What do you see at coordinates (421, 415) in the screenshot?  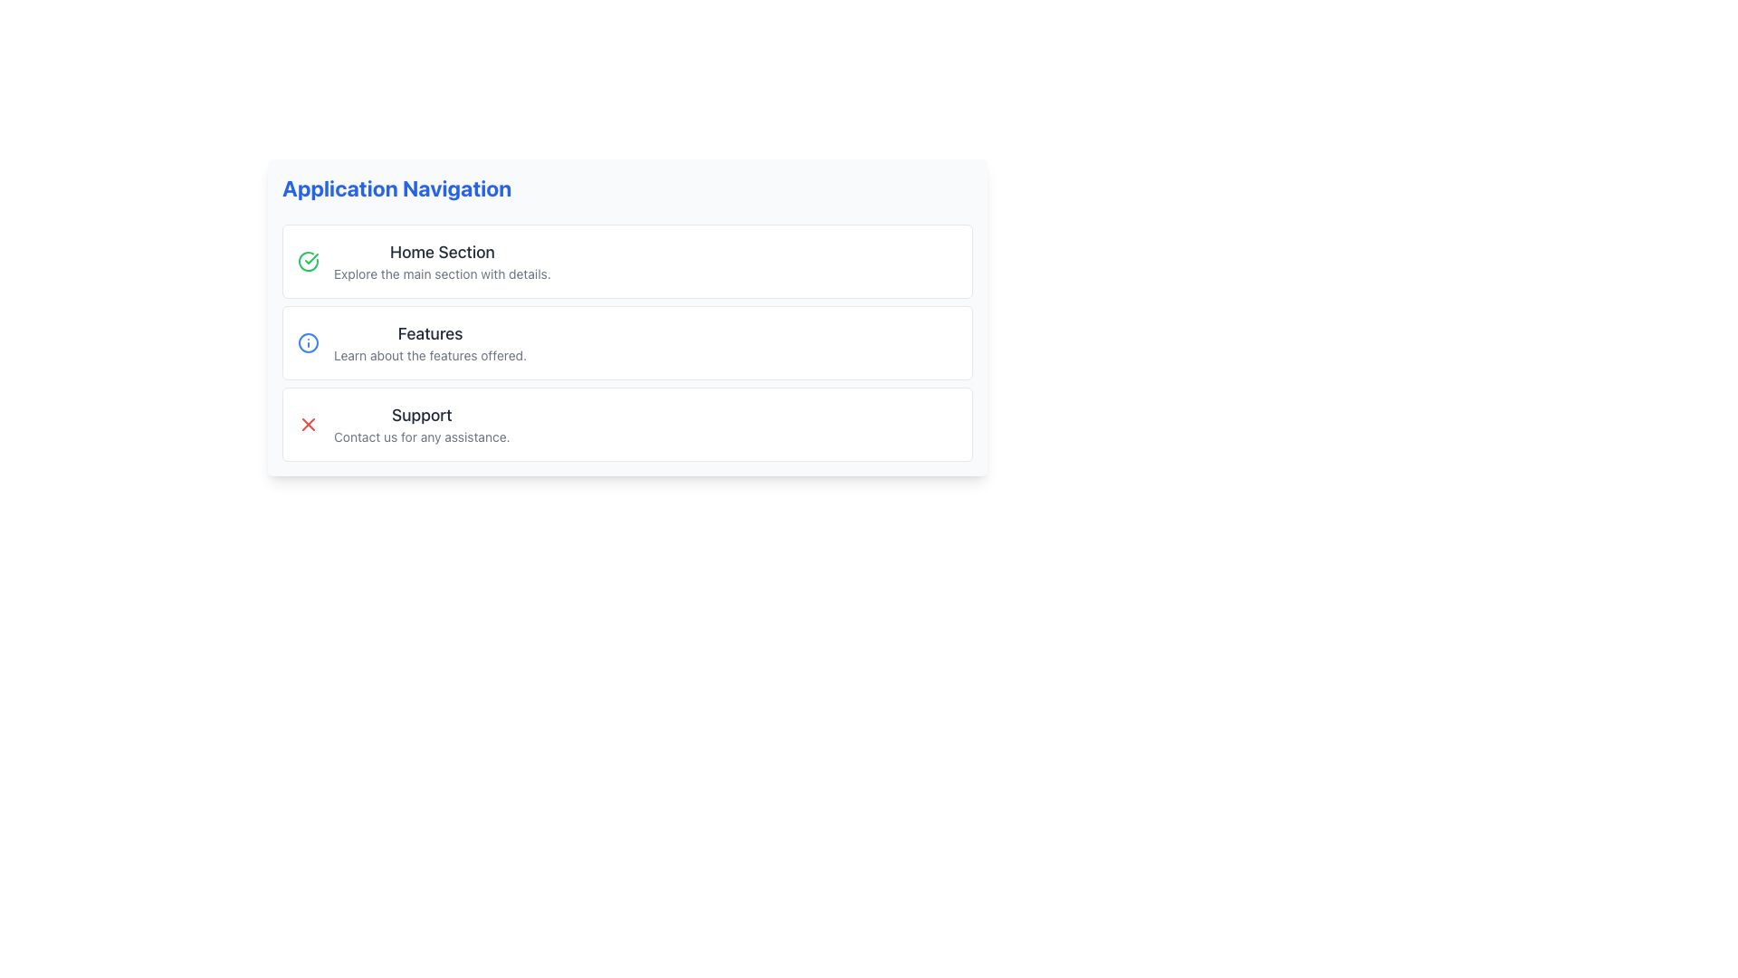 I see `the hyperlink element located below the 'Features' section` at bounding box center [421, 415].